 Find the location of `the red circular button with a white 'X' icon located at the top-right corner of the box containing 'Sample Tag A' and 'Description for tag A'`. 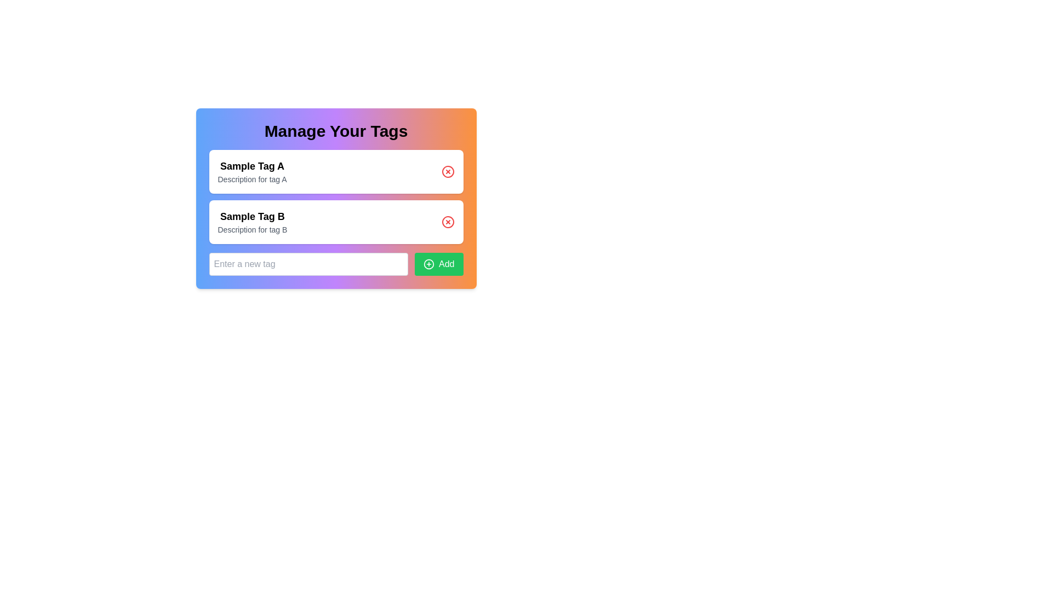

the red circular button with a white 'X' icon located at the top-right corner of the box containing 'Sample Tag A' and 'Description for tag A' is located at coordinates (448, 171).